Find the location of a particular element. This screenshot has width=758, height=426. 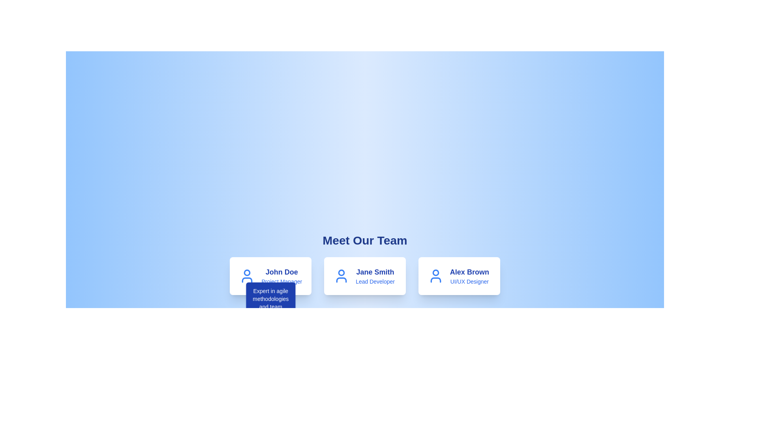

text displayed in the 'Project Manager' text label, which is styled in blue color and is located beneath the 'John Doe' name within the team member description card is located at coordinates (281, 281).